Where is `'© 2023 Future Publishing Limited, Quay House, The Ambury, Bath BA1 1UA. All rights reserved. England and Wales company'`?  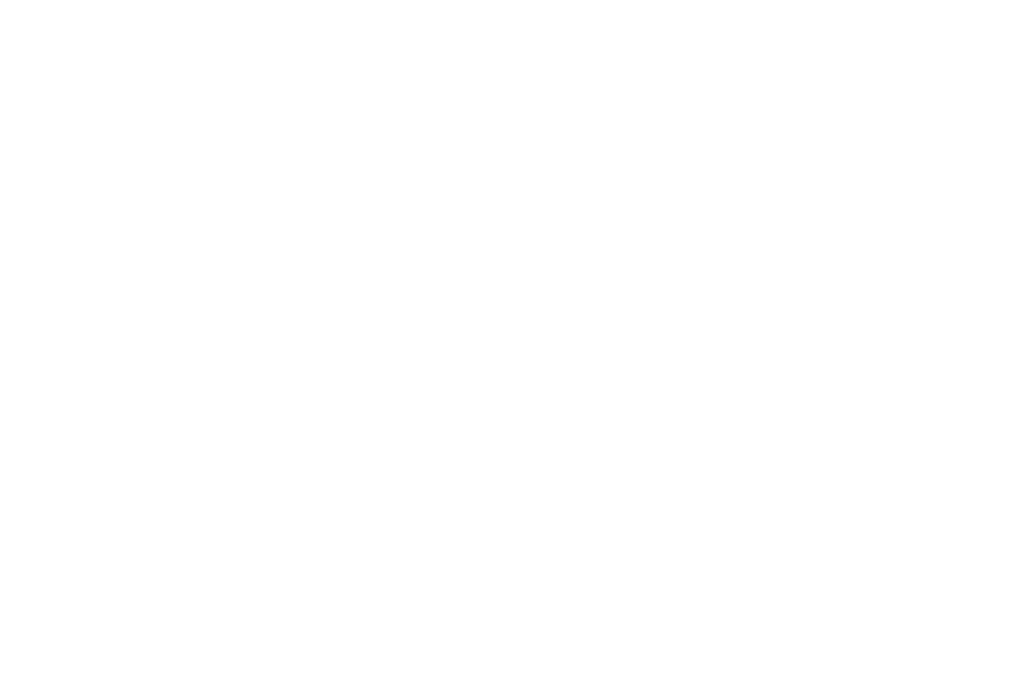 '© 2023 Future Publishing Limited, Quay House, The Ambury, Bath BA1 1UA. All rights reserved. England and Wales company' is located at coordinates (511, 589).